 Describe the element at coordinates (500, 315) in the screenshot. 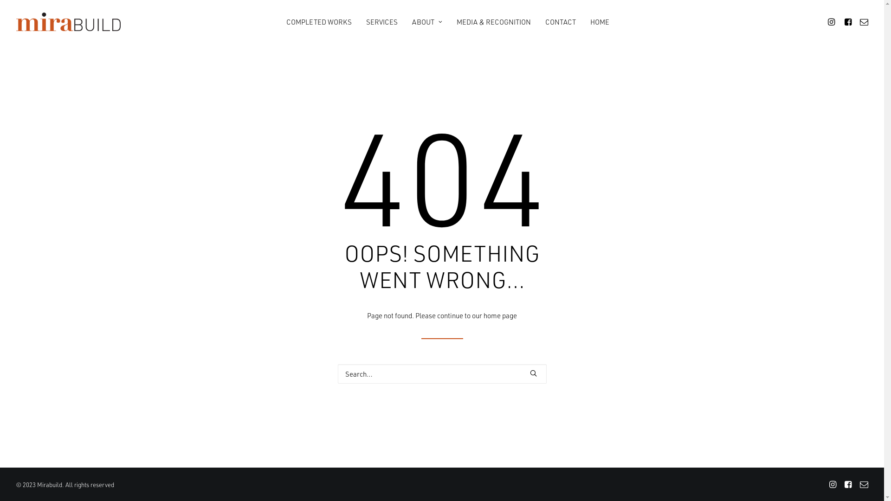

I see `'home page'` at that location.